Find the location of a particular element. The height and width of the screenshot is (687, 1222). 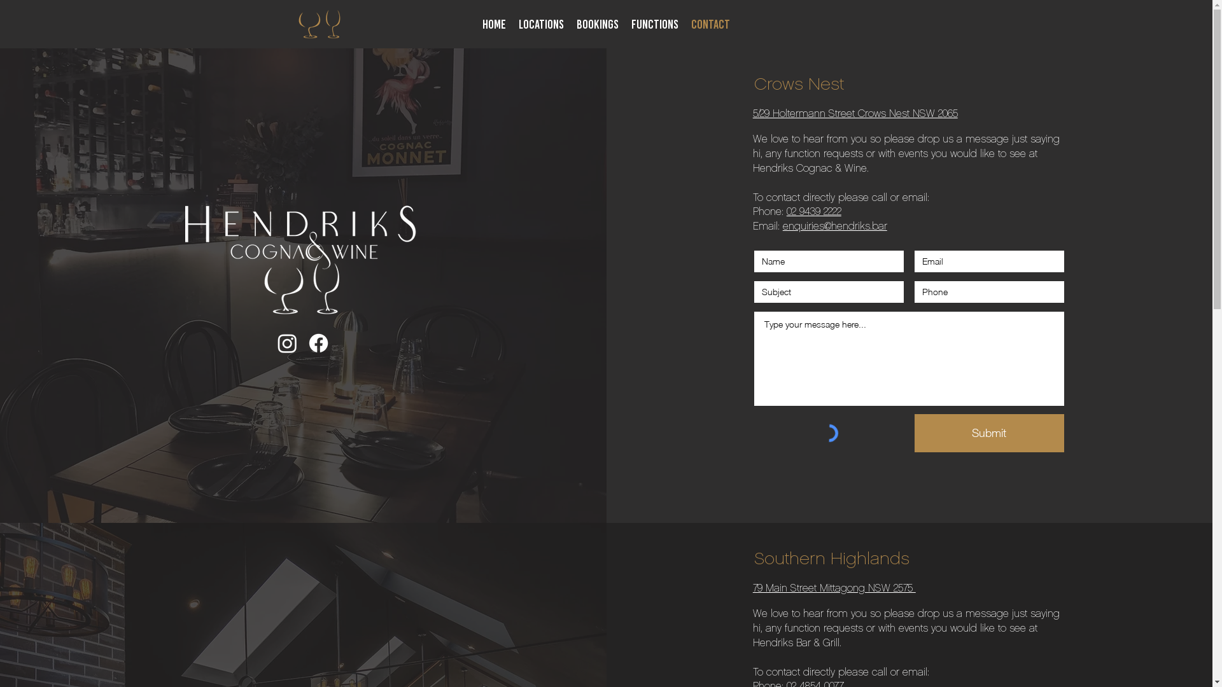

'@hendriks.bar' is located at coordinates (824, 226).